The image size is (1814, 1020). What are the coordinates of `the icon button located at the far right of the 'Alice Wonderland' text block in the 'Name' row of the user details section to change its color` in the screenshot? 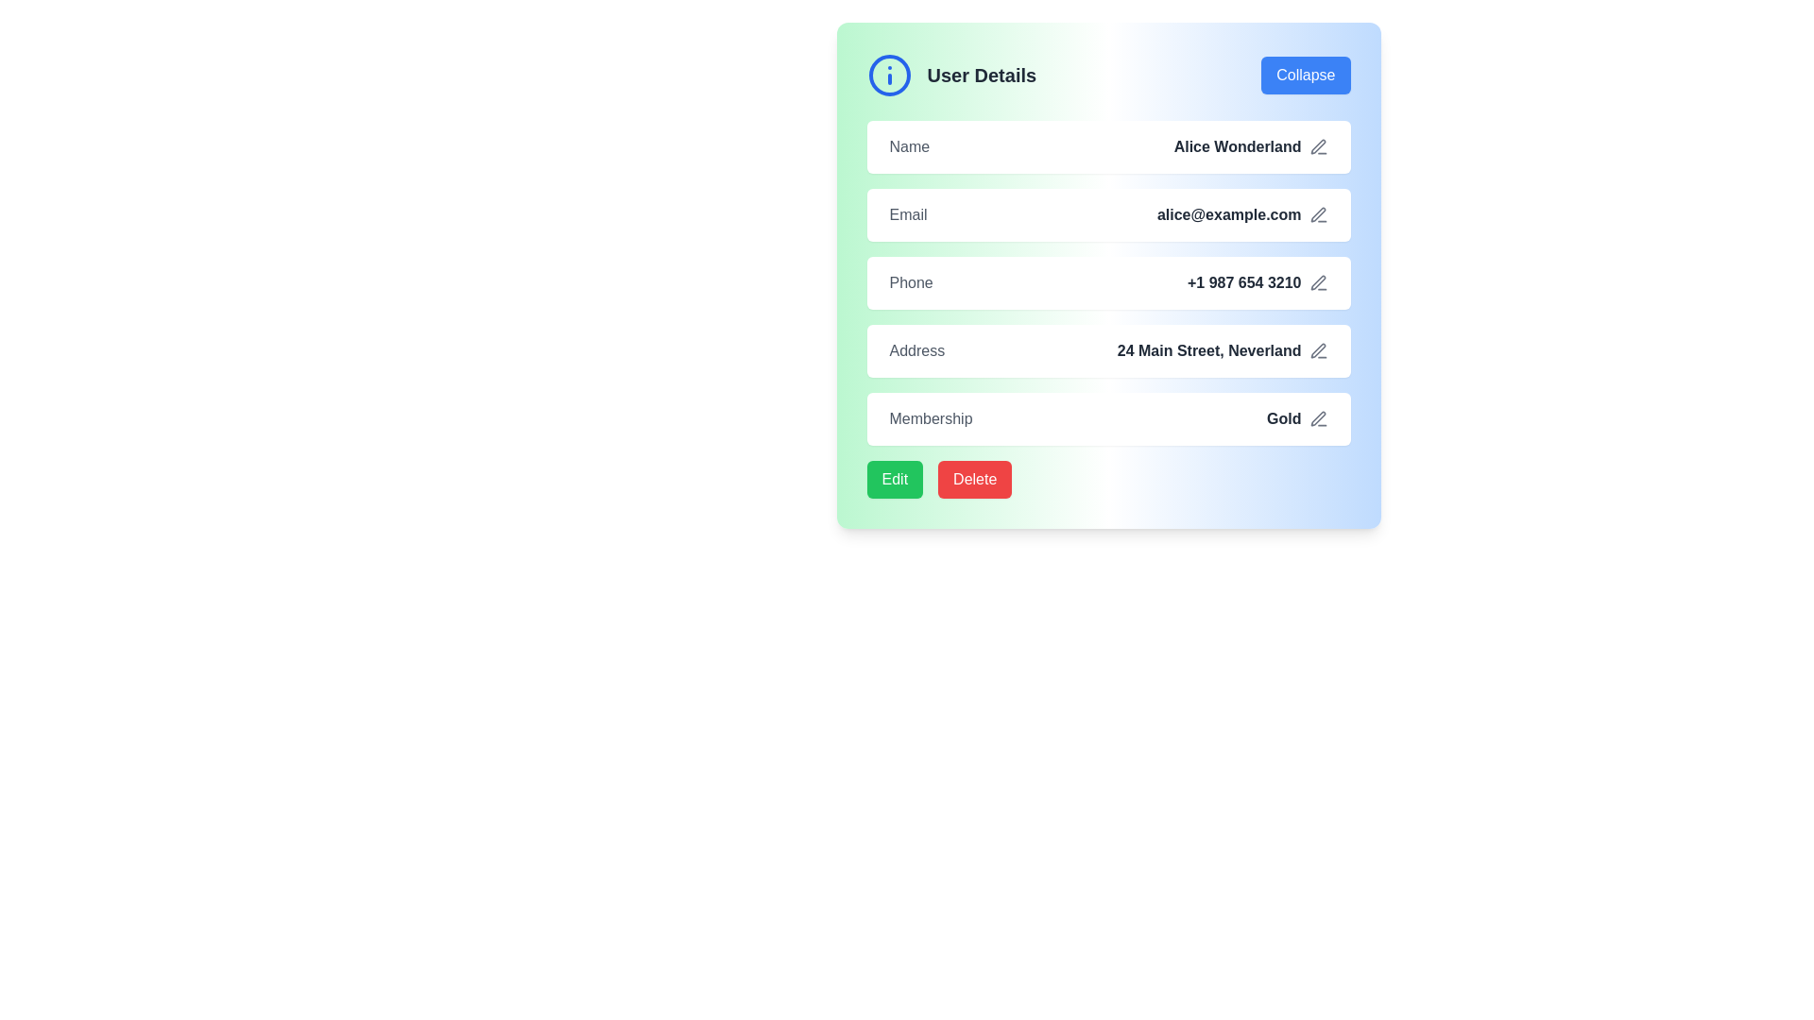 It's located at (1317, 145).